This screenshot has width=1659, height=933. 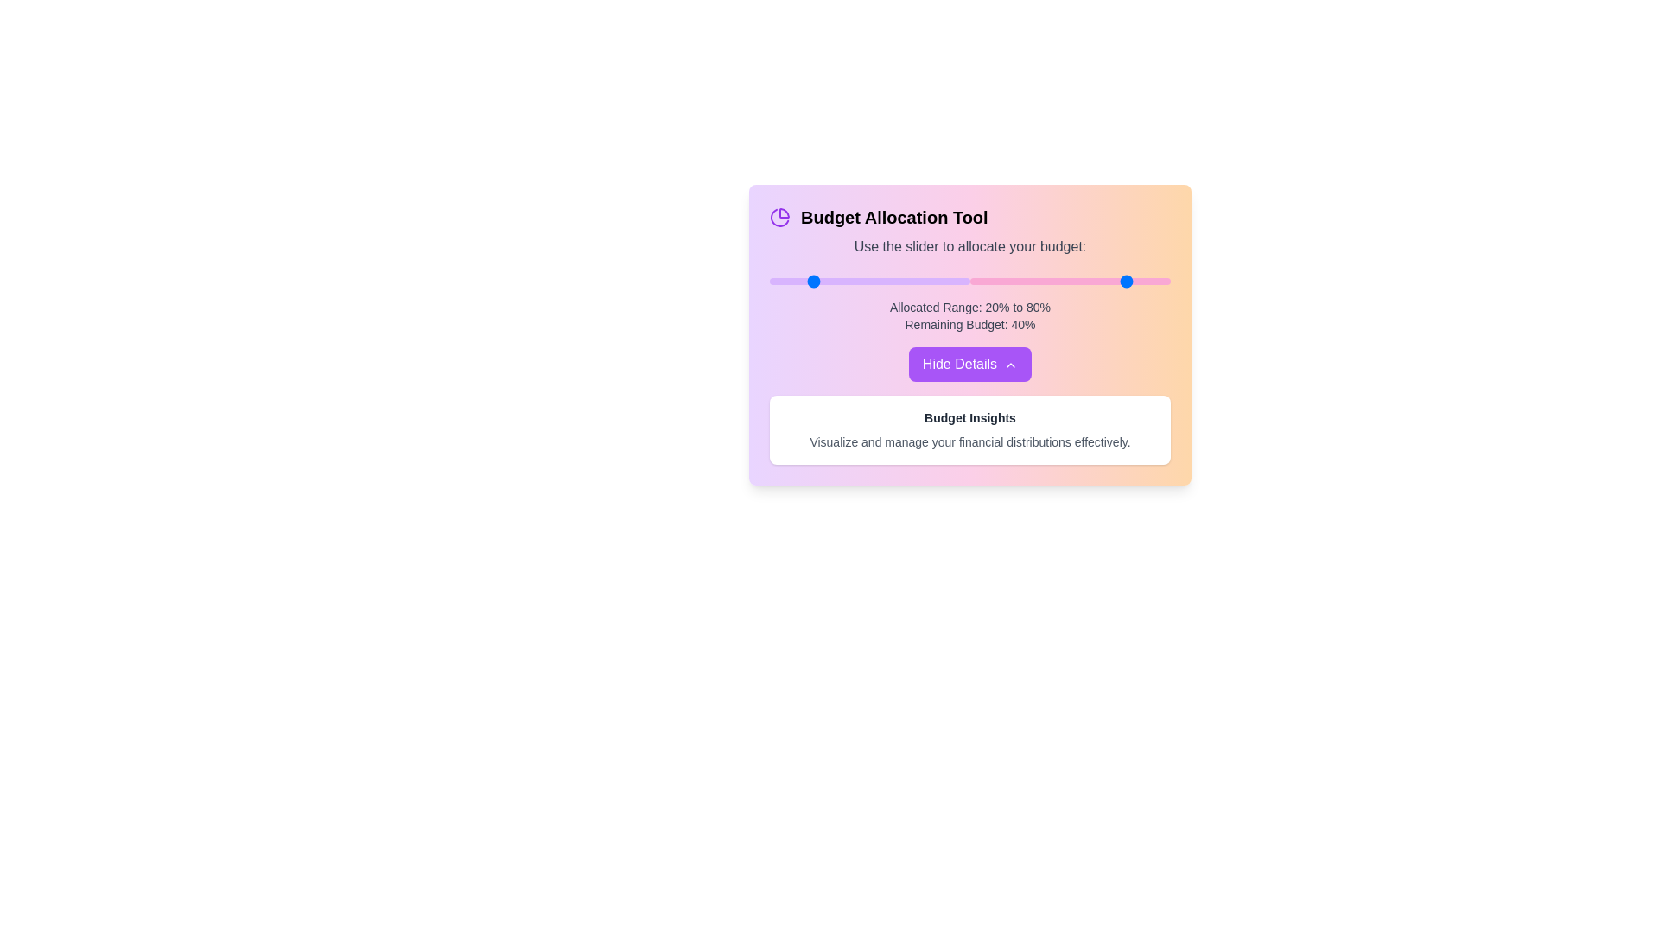 What do you see at coordinates (970, 363) in the screenshot?
I see `the 'Hide Details' button to toggle the visibility of the details section` at bounding box center [970, 363].